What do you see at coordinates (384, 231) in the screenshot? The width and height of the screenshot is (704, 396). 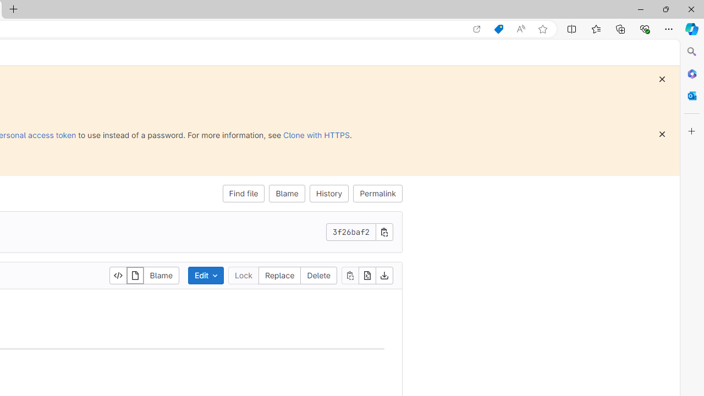 I see `'Copy commit SHA'` at bounding box center [384, 231].